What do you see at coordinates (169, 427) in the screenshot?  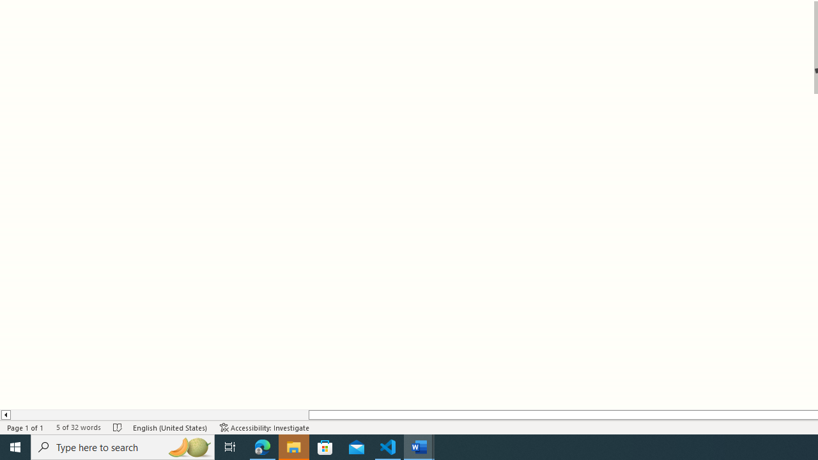 I see `'Language English (United States)'` at bounding box center [169, 427].